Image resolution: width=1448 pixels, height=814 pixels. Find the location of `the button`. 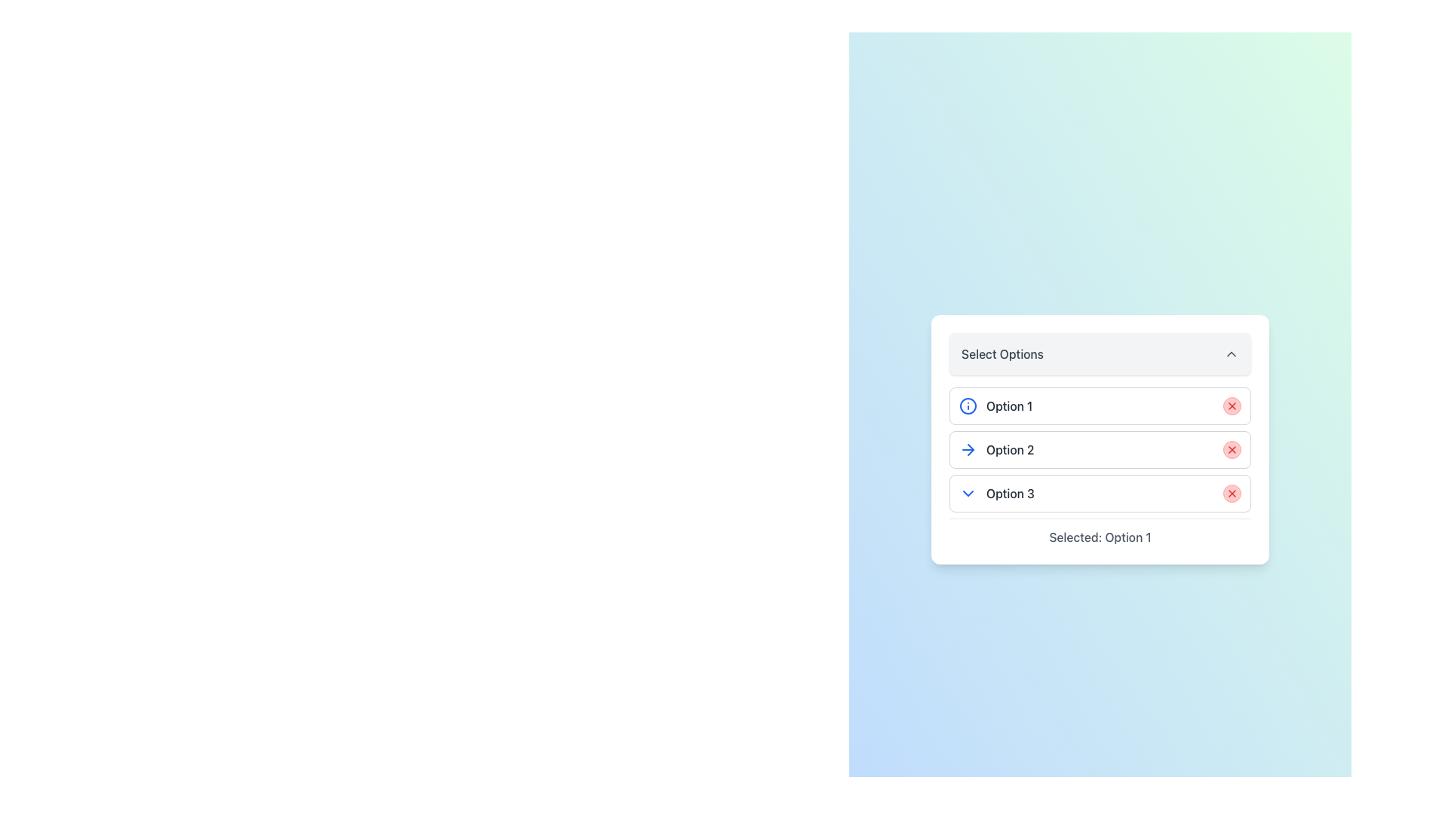

the button is located at coordinates (1232, 448).